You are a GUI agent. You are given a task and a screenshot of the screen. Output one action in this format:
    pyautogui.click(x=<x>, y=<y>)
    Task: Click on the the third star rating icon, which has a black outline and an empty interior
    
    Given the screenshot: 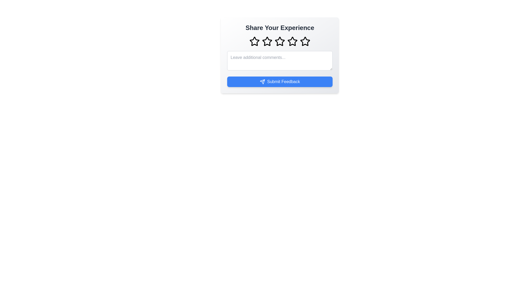 What is the action you would take?
    pyautogui.click(x=279, y=41)
    